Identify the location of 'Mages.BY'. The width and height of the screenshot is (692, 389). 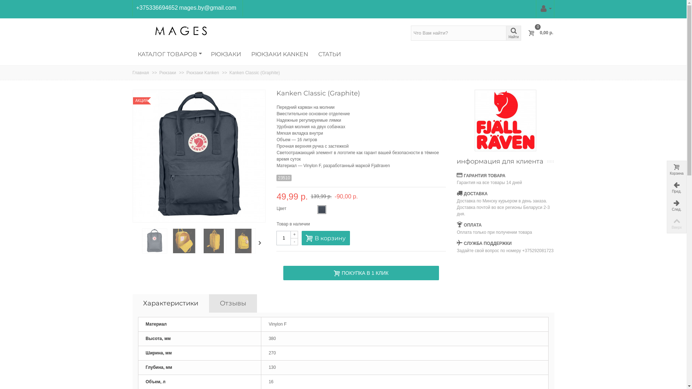
(180, 30).